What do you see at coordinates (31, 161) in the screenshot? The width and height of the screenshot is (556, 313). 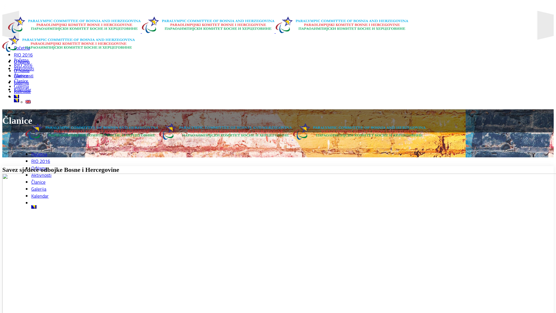 I see `'RIO 2016'` at bounding box center [31, 161].